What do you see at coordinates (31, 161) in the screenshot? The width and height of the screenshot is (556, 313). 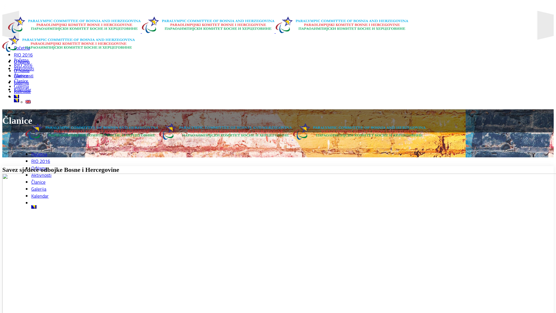 I see `'RIO 2016'` at bounding box center [31, 161].